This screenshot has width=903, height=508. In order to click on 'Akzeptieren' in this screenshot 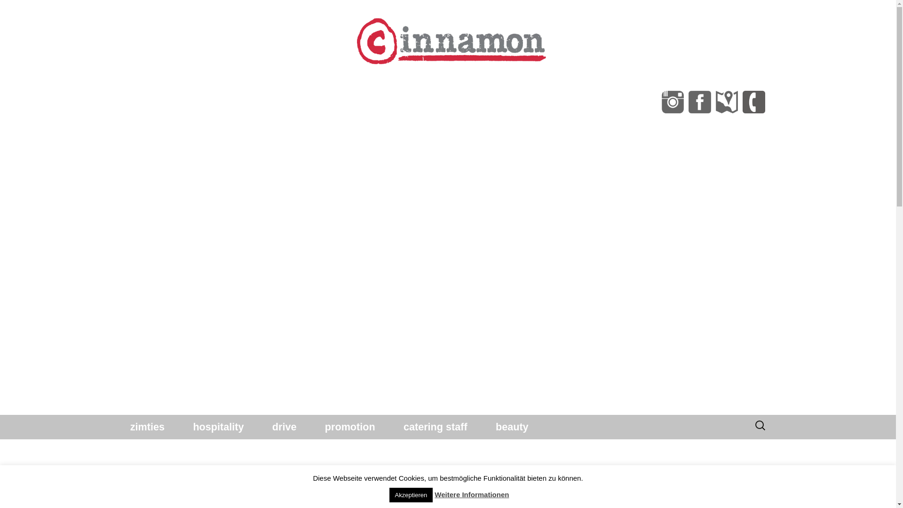, I will do `click(411, 494)`.